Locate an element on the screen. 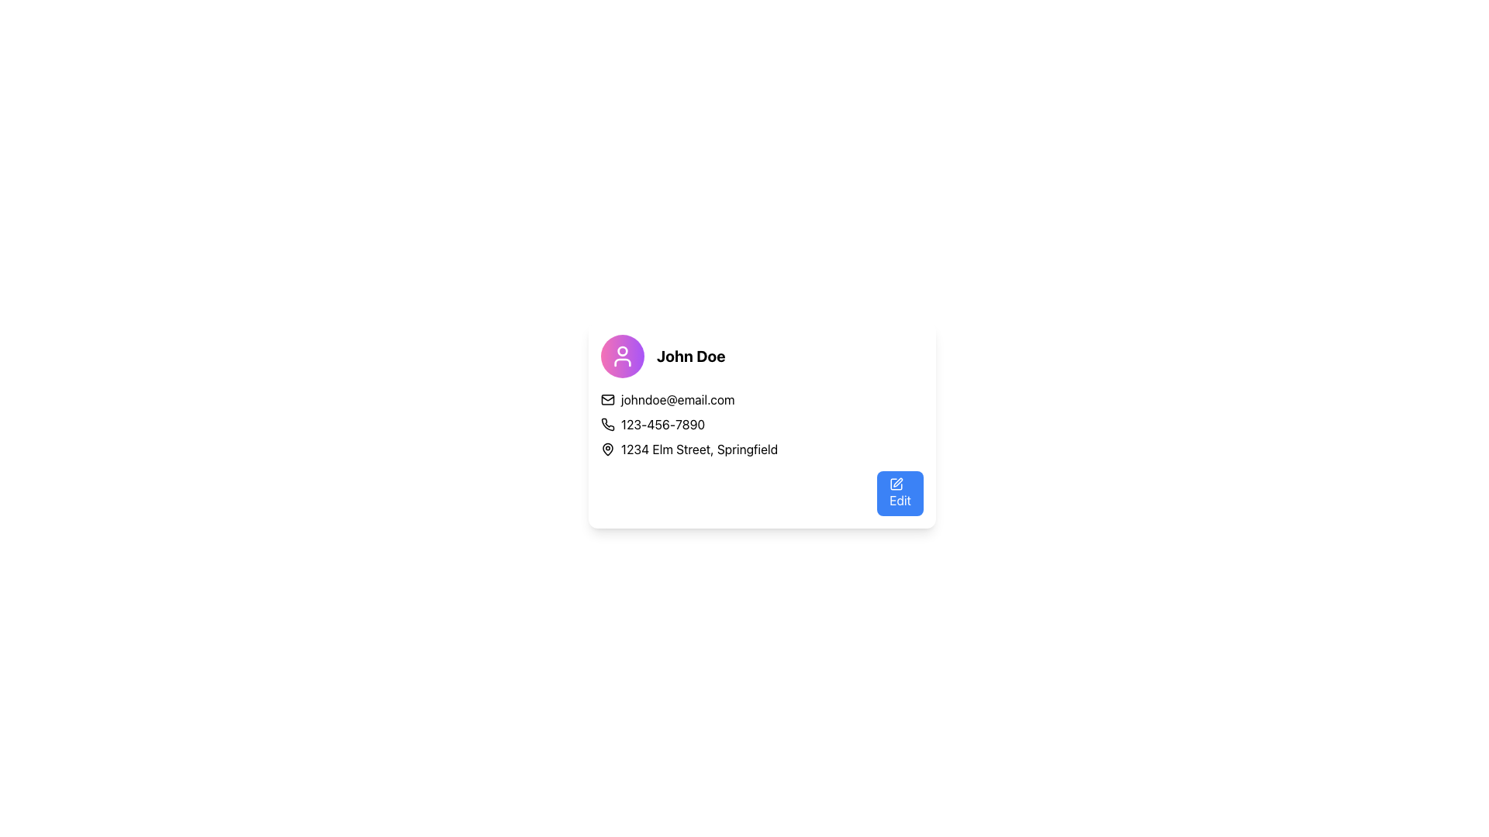 Image resolution: width=1489 pixels, height=837 pixels. the location marker icon next to the address '1234 Elm Street, Springfield' in the information card is located at coordinates (606, 448).